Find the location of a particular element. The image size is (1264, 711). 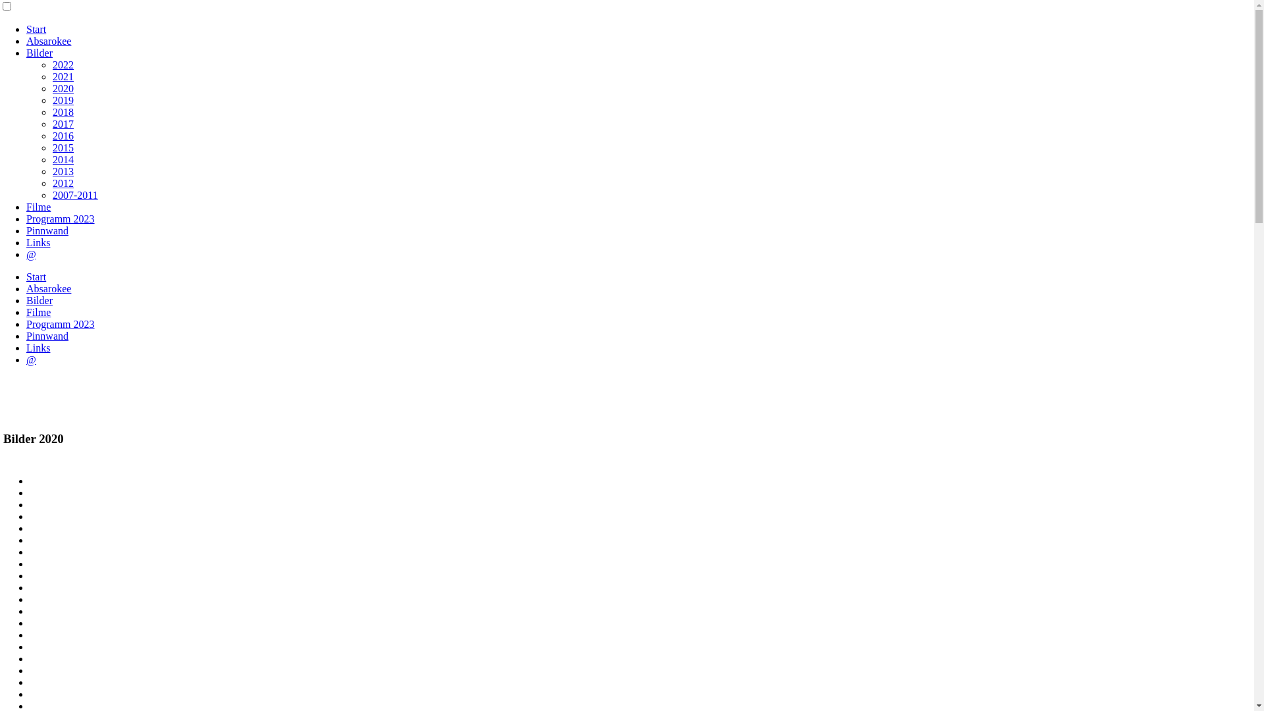

'Start' is located at coordinates (26, 276).